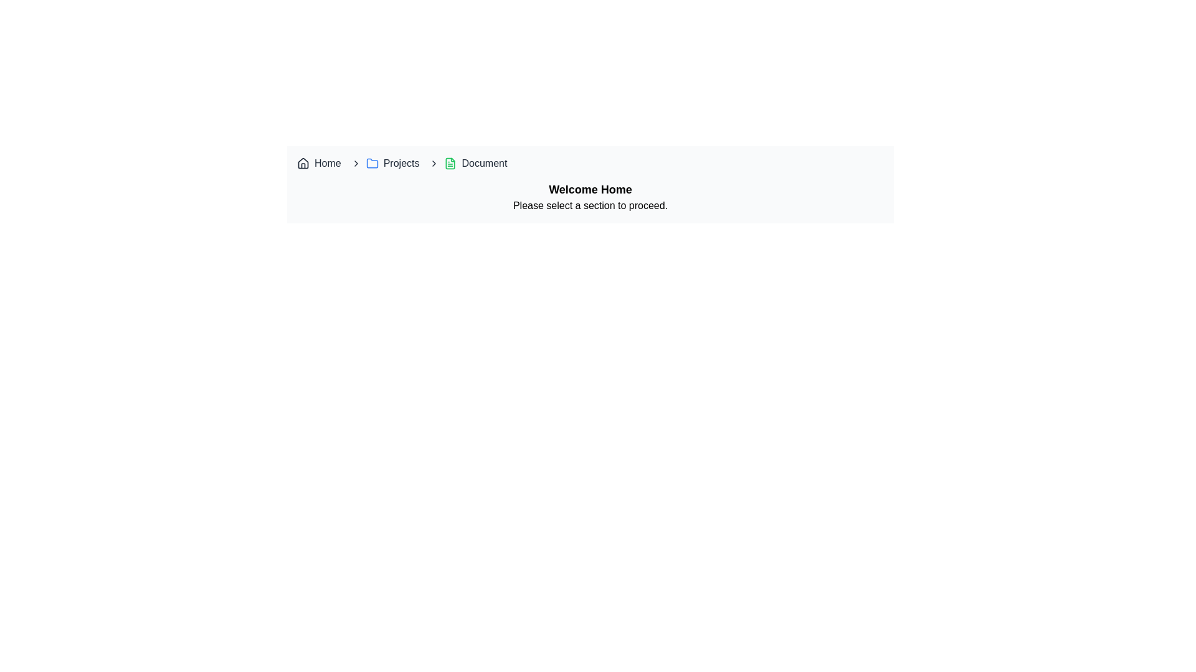 This screenshot has height=672, width=1196. What do you see at coordinates (483, 162) in the screenshot?
I see `the static text label displaying 'Document' in the breadcrumb navigation component, which indicates the current item in the navigation sequence` at bounding box center [483, 162].